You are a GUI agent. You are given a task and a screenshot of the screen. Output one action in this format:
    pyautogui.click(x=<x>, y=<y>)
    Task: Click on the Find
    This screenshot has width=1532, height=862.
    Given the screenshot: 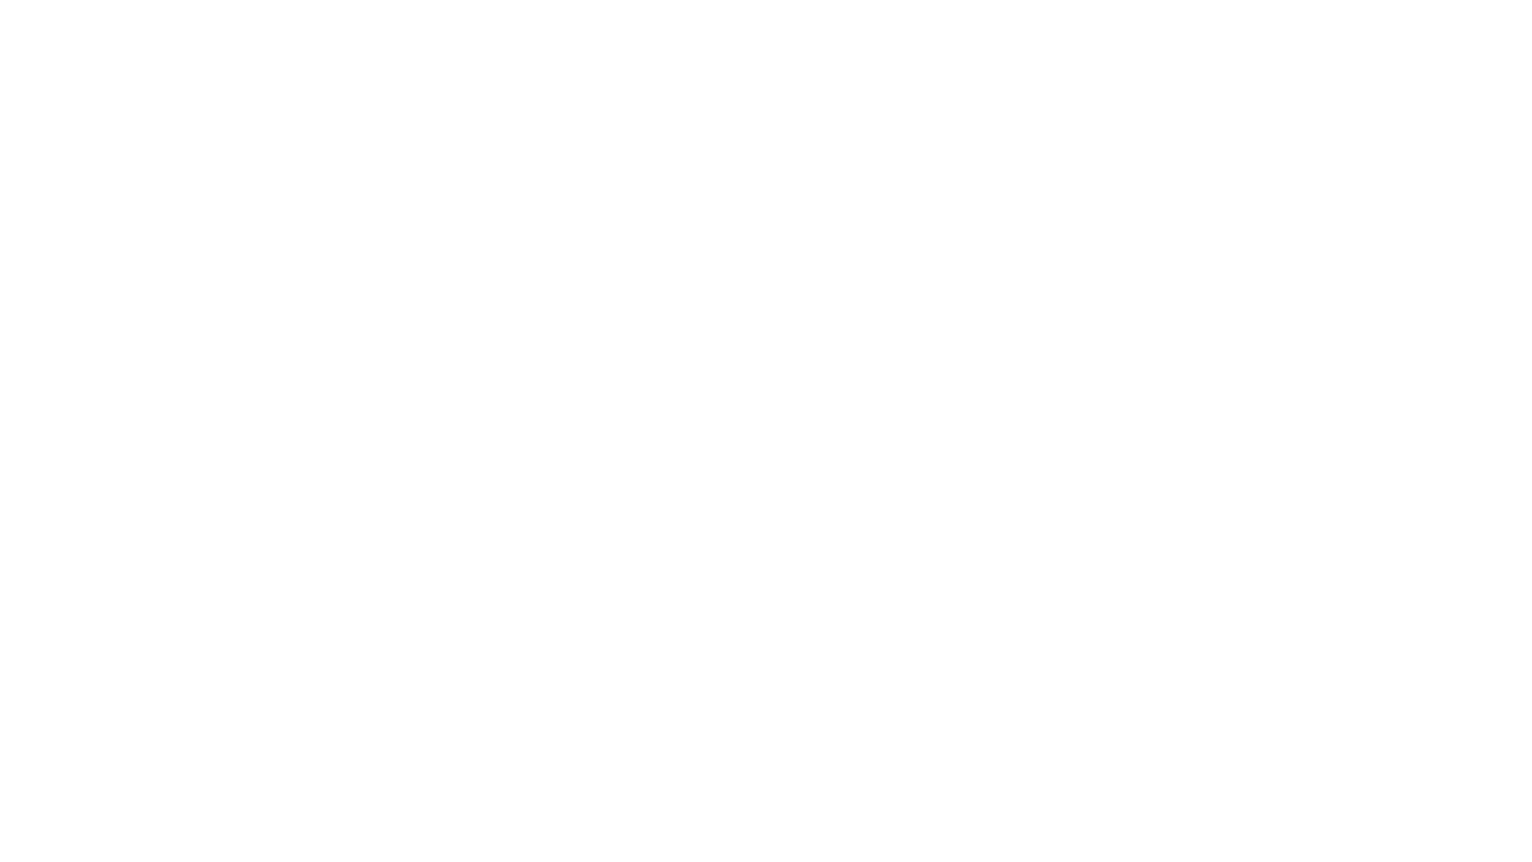 What is the action you would take?
    pyautogui.click(x=1168, y=585)
    